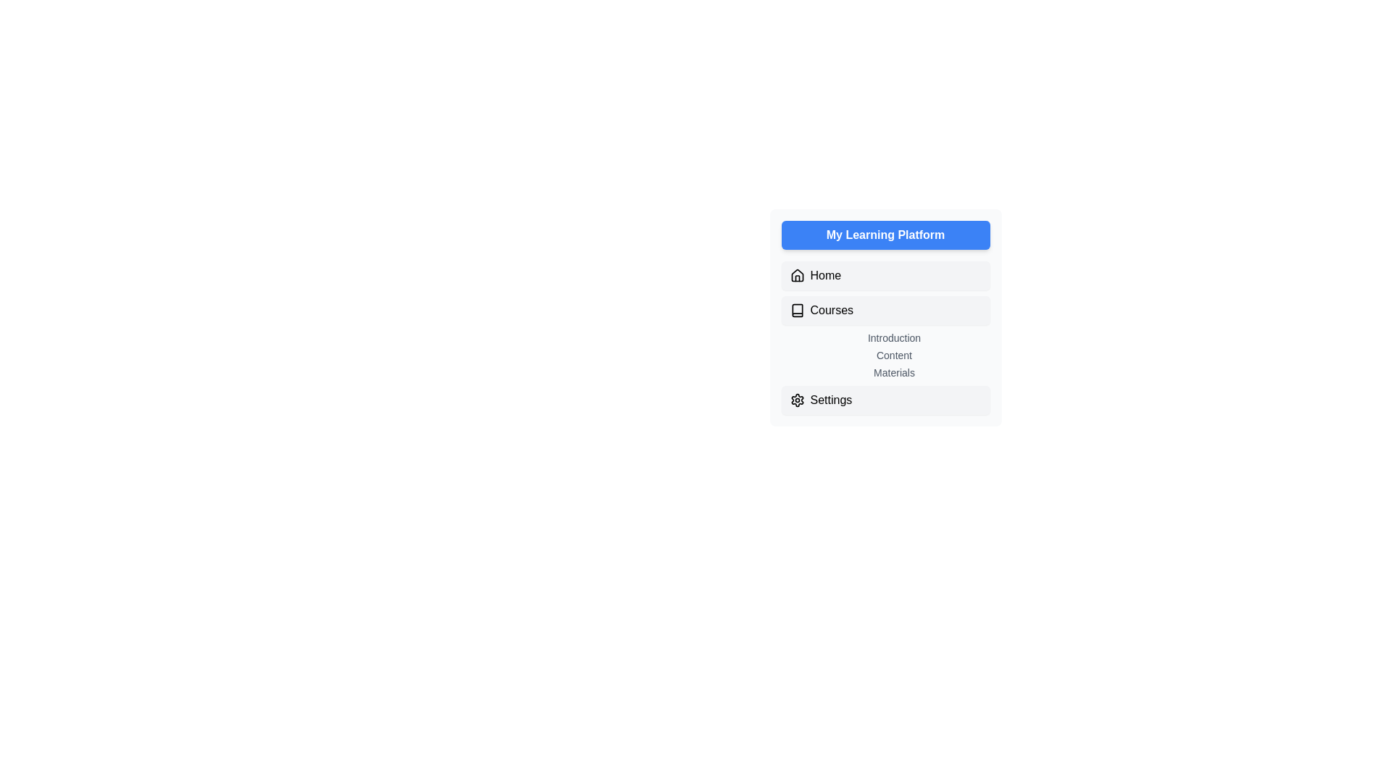  Describe the element at coordinates (796, 276) in the screenshot. I see `the house icon located in the navigation menu next to the 'Home' text on the 'My Learning Platform'` at that location.